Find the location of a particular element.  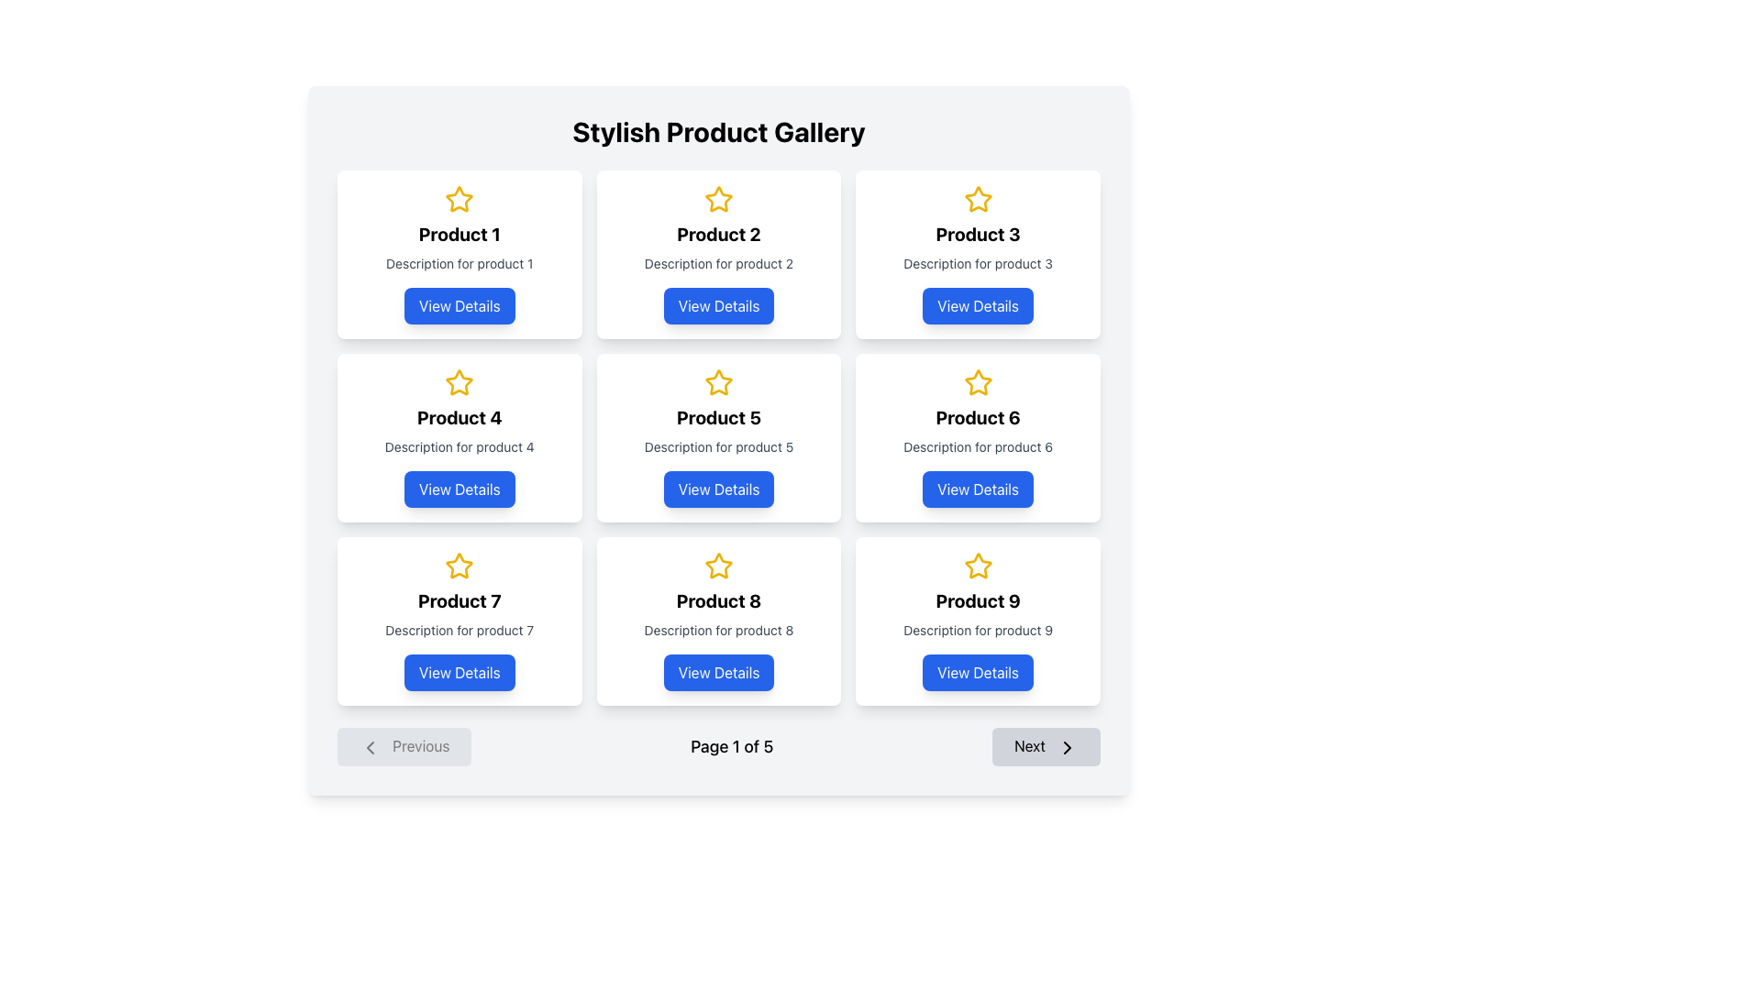

the star-shaped icon with a yellow outline located inside the 'Product 4' card in the product grid is located at coordinates (460, 381).